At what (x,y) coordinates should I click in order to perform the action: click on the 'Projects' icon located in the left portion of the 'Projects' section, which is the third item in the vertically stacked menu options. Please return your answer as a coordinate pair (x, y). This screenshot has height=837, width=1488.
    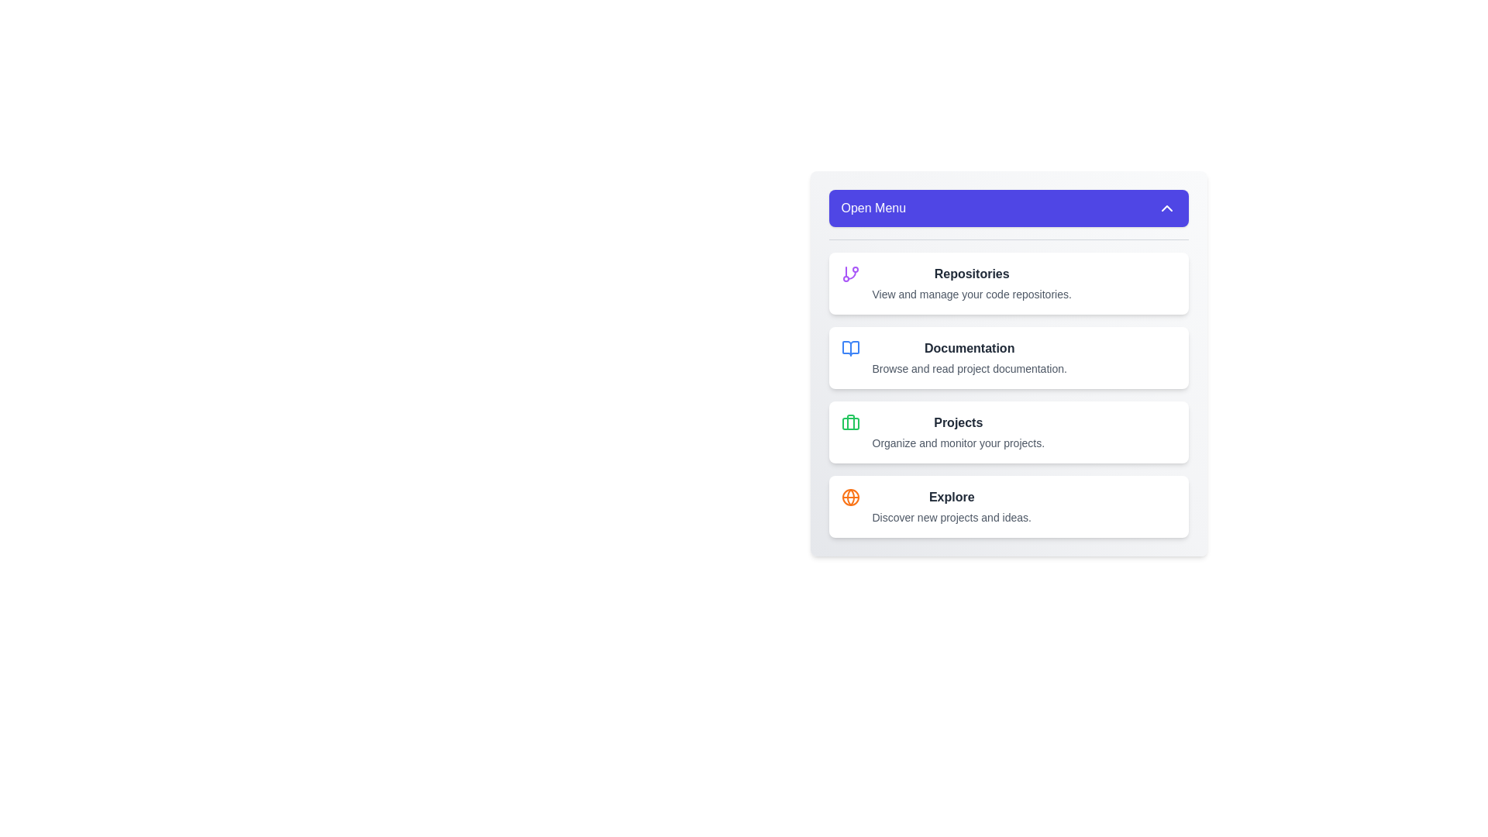
    Looking at the image, I should click on (849, 423).